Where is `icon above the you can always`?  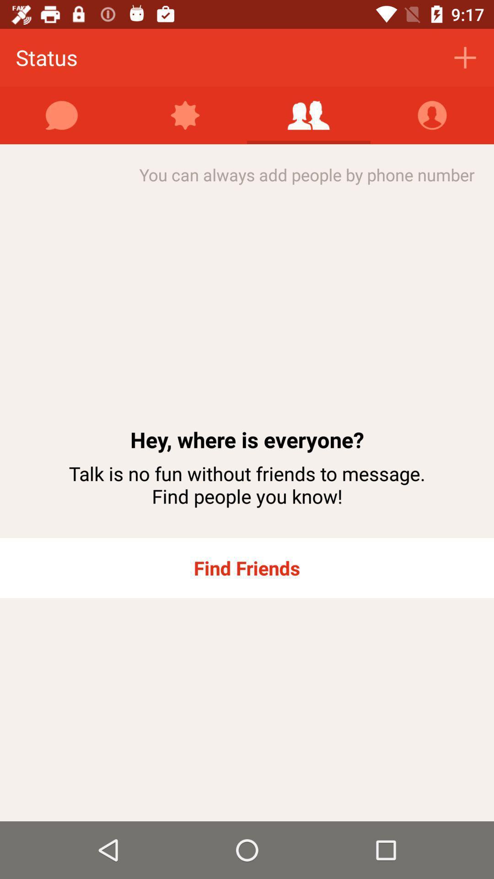 icon above the you can always is located at coordinates (432, 115).